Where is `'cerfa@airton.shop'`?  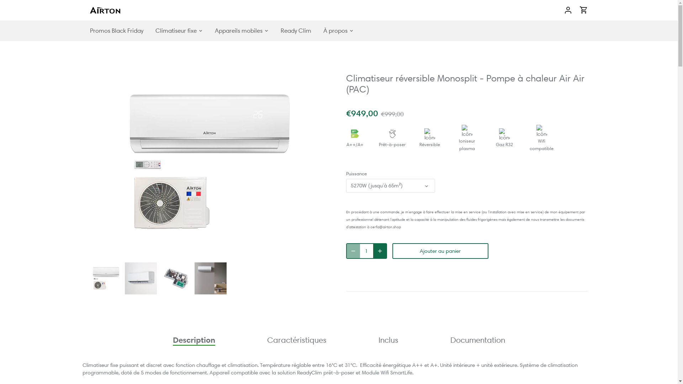 'cerfa@airton.shop' is located at coordinates (385, 226).